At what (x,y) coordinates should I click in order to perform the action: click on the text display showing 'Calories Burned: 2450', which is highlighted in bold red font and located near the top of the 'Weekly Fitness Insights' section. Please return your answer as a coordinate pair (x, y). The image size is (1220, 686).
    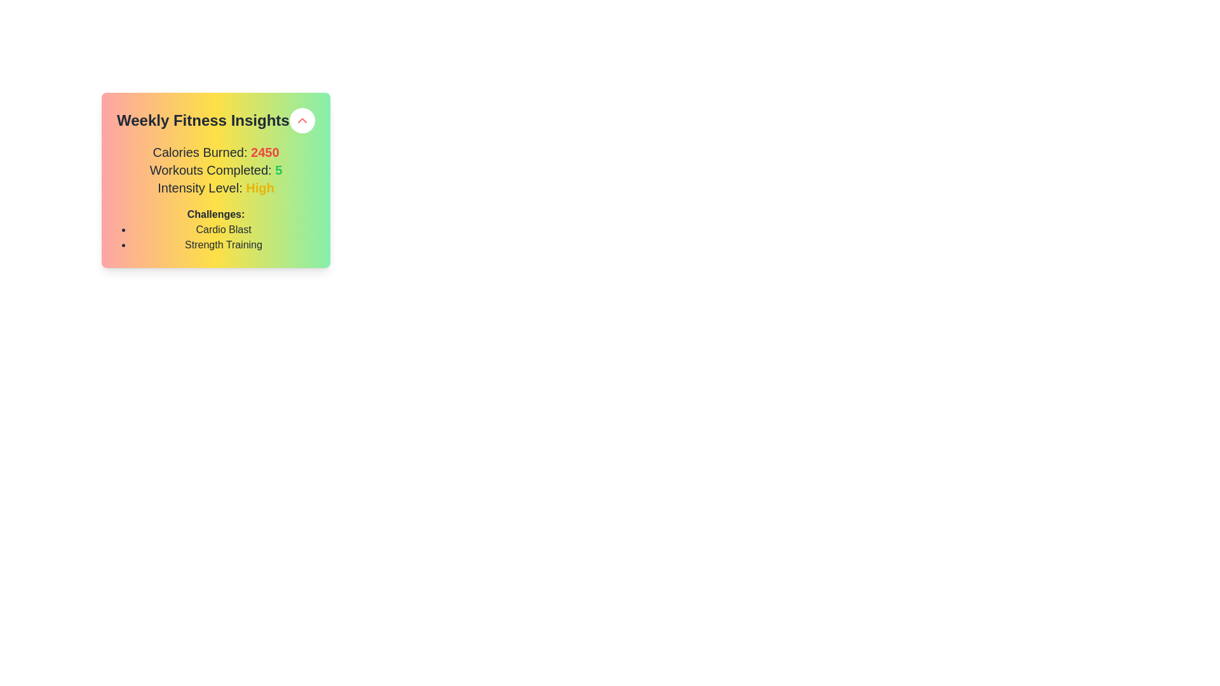
    Looking at the image, I should click on (216, 151).